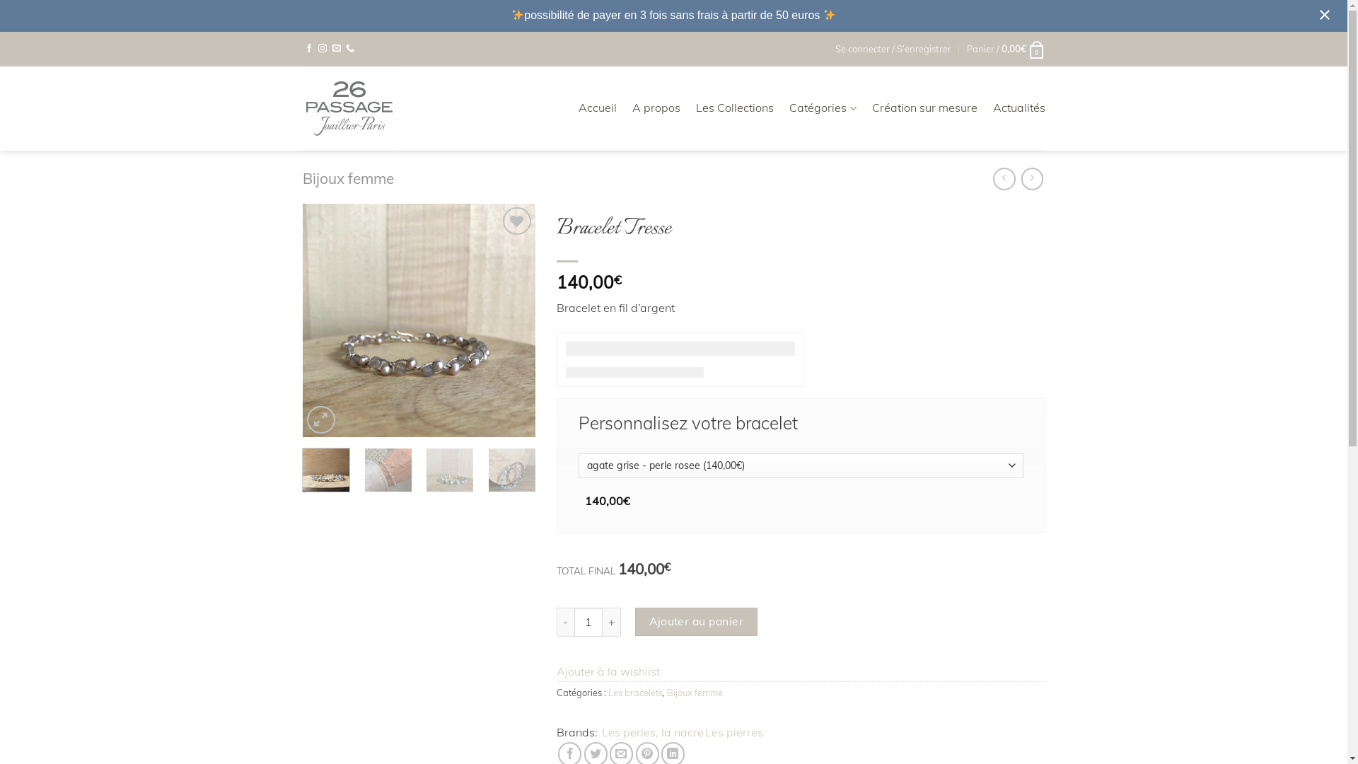 The width and height of the screenshot is (1358, 764). What do you see at coordinates (597, 108) in the screenshot?
I see `'Accueil'` at bounding box center [597, 108].